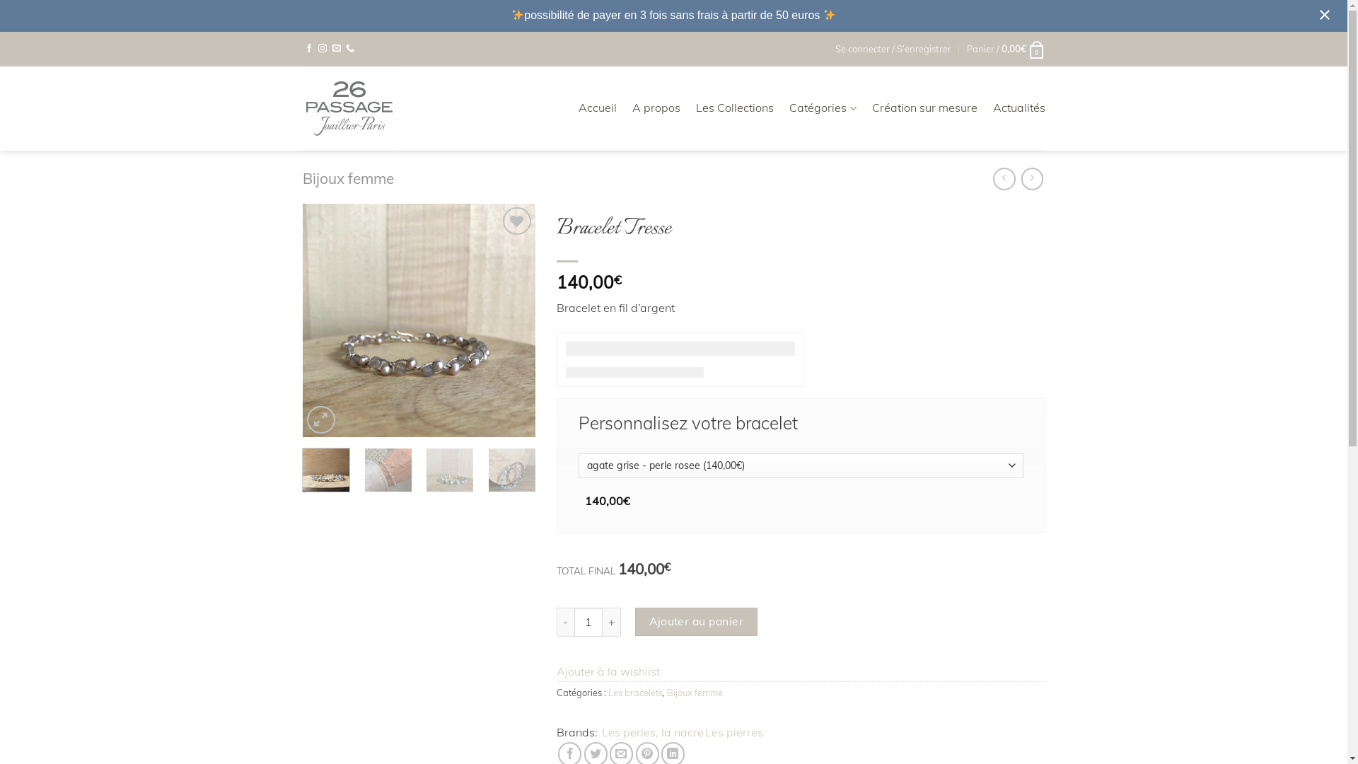 The width and height of the screenshot is (1358, 764). What do you see at coordinates (597, 108) in the screenshot?
I see `'Accueil'` at bounding box center [597, 108].